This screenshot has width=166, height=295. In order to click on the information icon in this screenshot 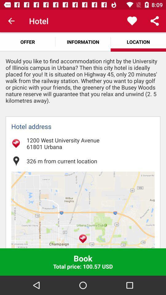, I will do `click(83, 41)`.